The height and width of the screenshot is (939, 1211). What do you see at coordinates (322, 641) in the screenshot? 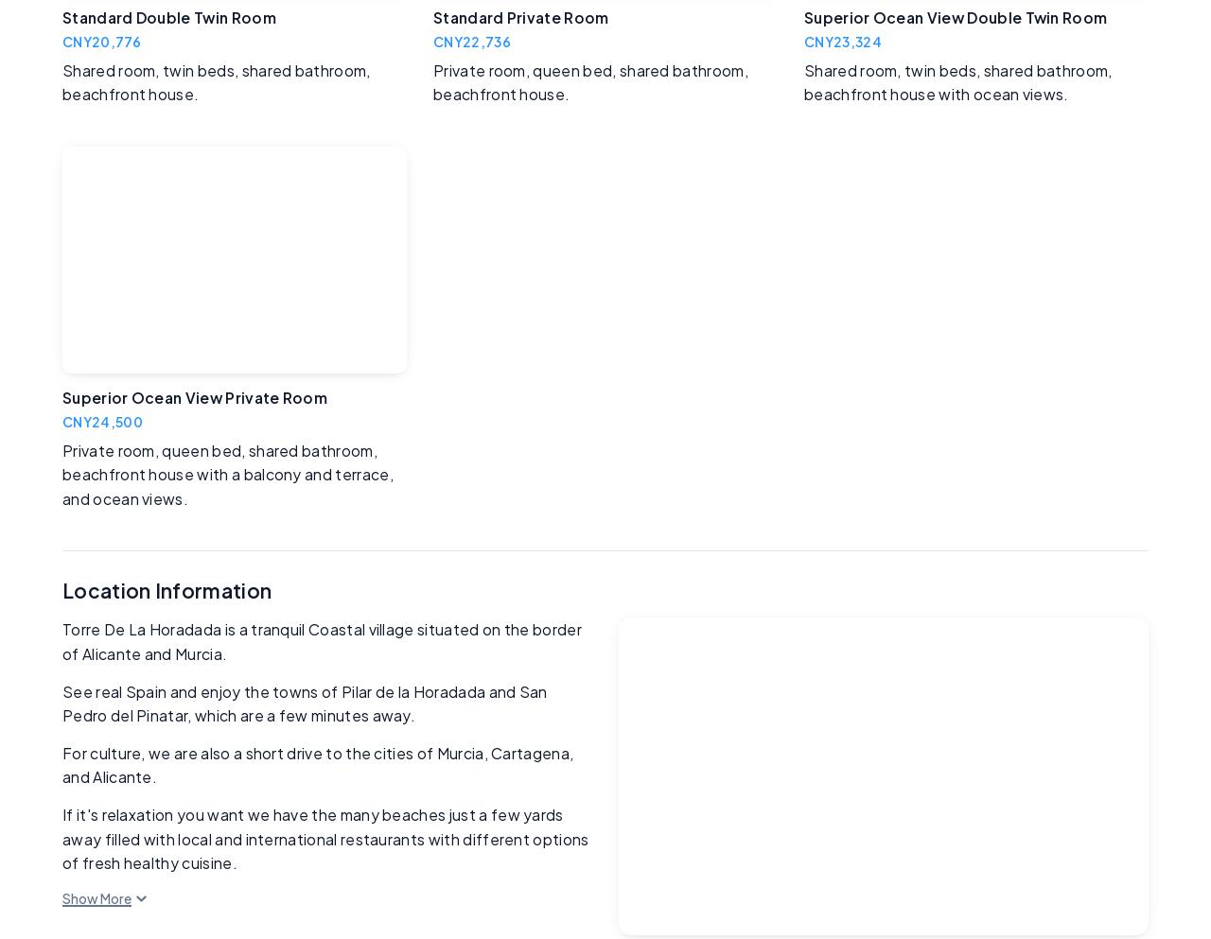
I see `'Torre De La Horadada is a tranquil Coastal village situated on the border of Alicante and Murcia.'` at bounding box center [322, 641].